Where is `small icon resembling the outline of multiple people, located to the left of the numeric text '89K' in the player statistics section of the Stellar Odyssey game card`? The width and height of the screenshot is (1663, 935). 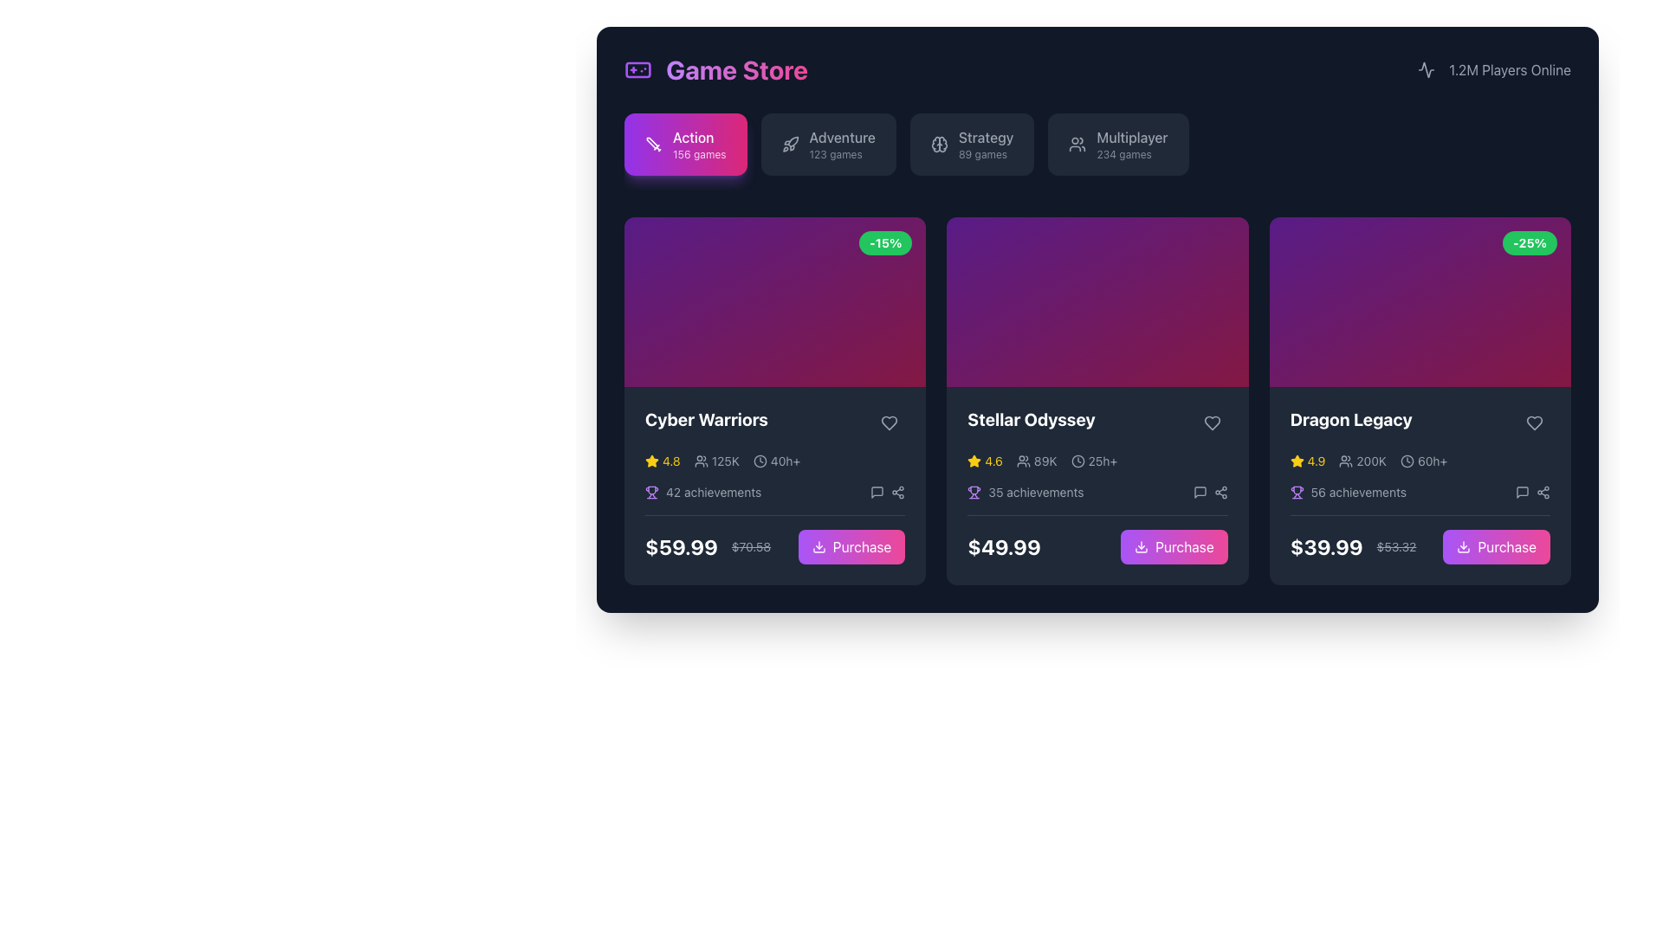
small icon resembling the outline of multiple people, located to the left of the numeric text '89K' in the player statistics section of the Stellar Odyssey game card is located at coordinates (1023, 460).